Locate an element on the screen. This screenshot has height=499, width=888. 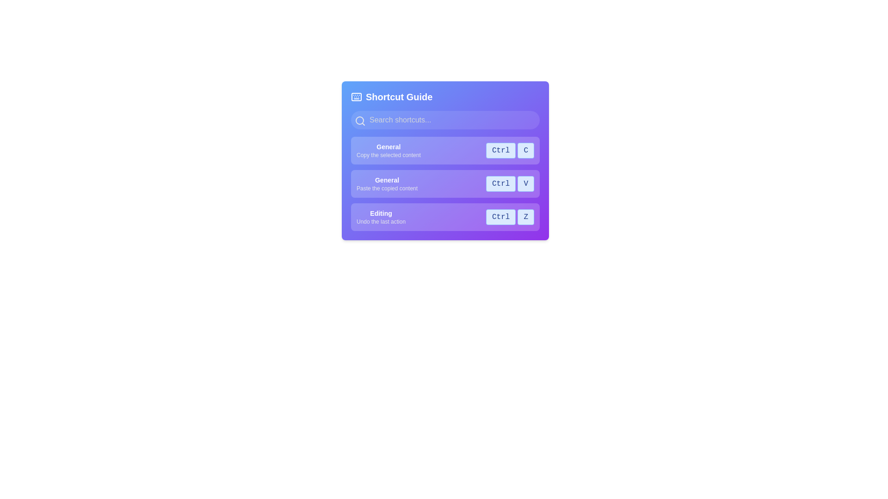
the 'Editing' text description label, which is the bottommost entry in the 'Shortcut Guide' interface, displaying a bold title in white and a smaller instruction in gray on a purple background is located at coordinates (381, 217).